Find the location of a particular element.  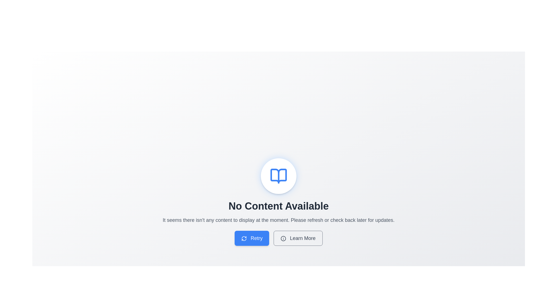

the Informational label that displays a message indicating the lack of content, located beneath the 'No Content Available' headline and above the 'Retry' and 'Learn More' buttons is located at coordinates (278, 220).